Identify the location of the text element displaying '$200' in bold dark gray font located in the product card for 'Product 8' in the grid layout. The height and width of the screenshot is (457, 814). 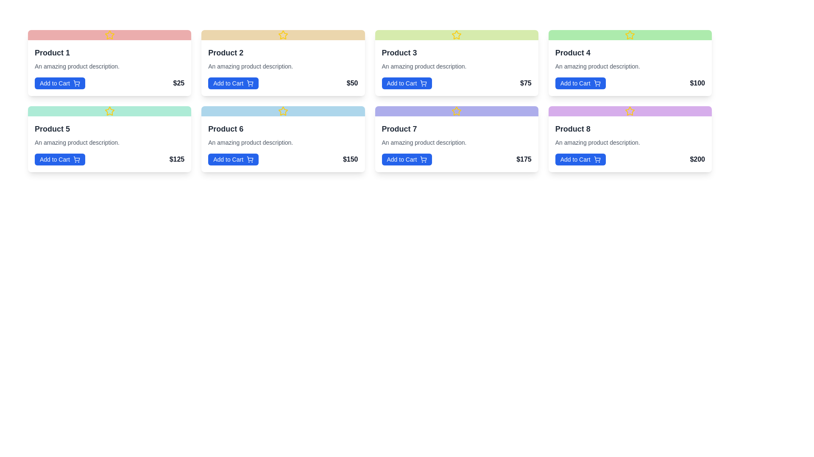
(697, 160).